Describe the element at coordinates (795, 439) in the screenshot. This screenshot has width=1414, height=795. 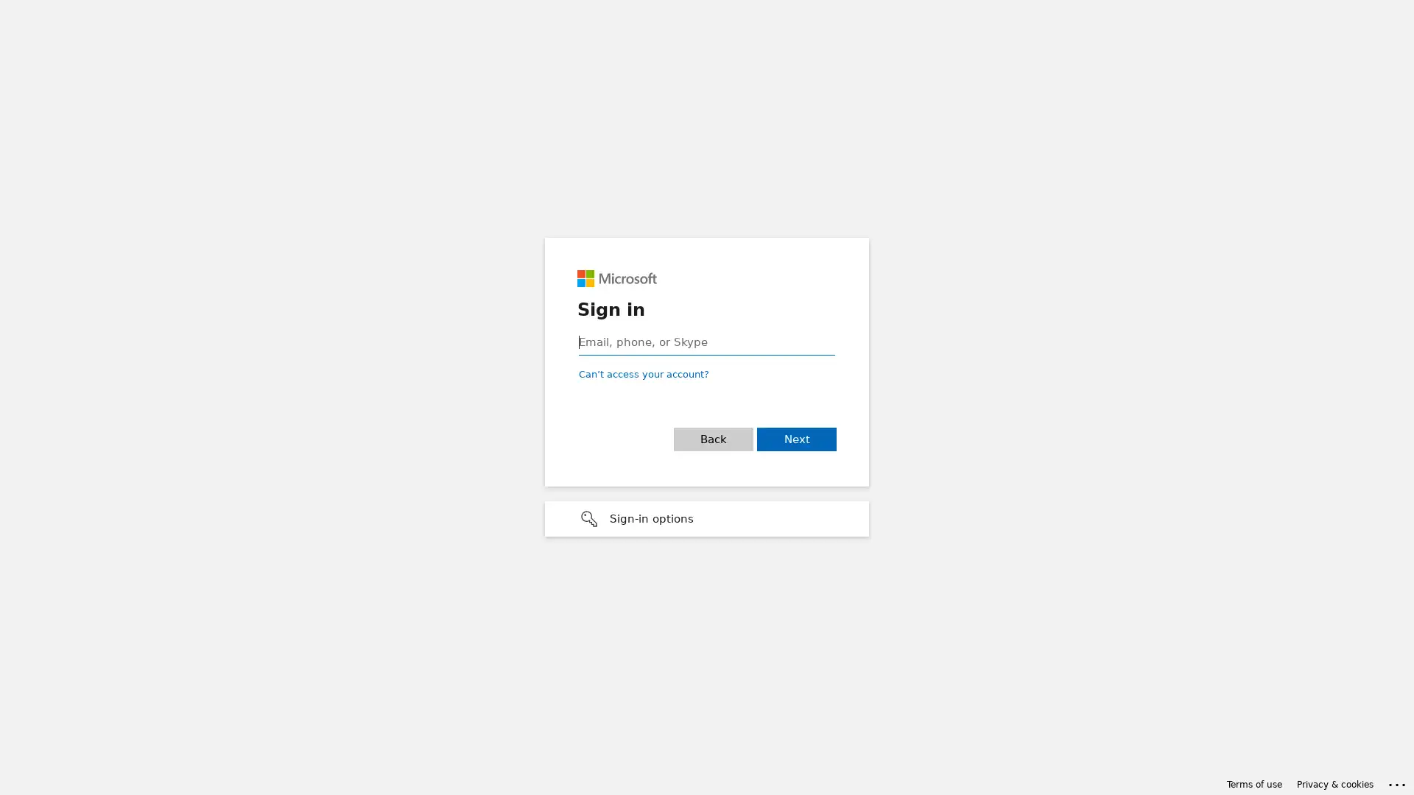
I see `Next` at that location.